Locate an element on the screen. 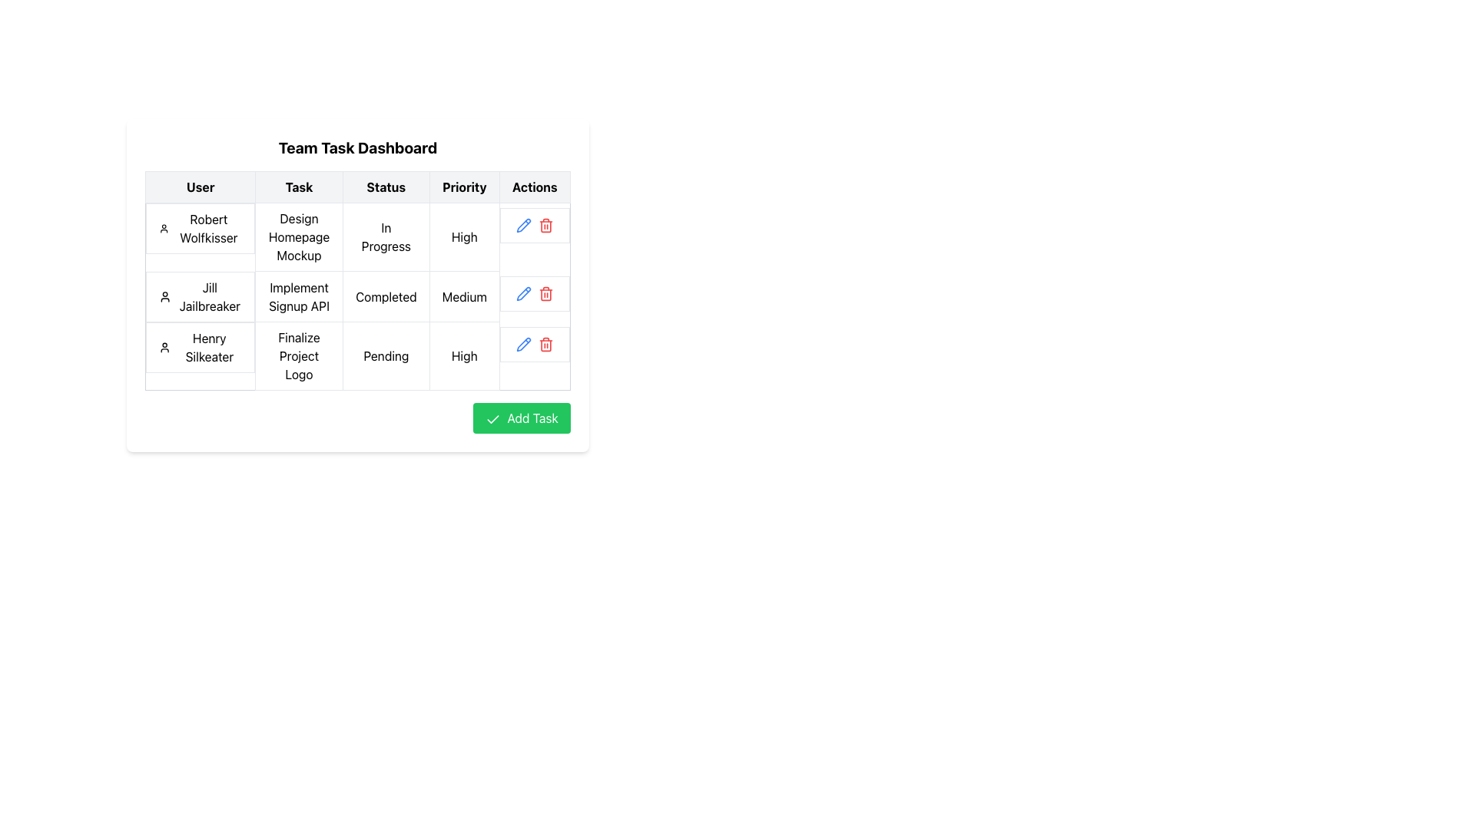  the Text Label indicating the status of the task 'Finalize Project Logo' in the 'Status' column of the table is located at coordinates (386, 355).